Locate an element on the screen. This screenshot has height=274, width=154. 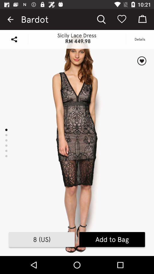
the share icon is located at coordinates (14, 39).